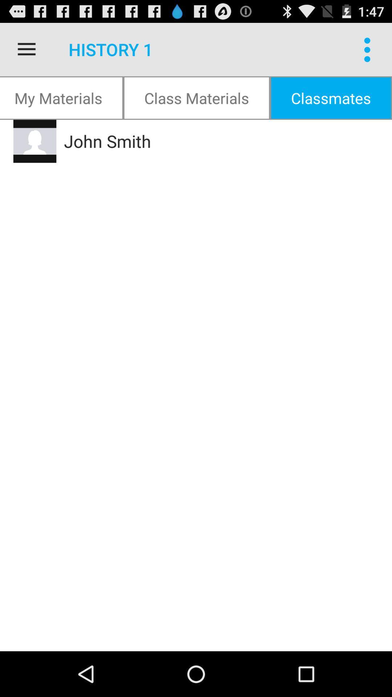  What do you see at coordinates (61, 97) in the screenshot?
I see `icon to the left of class materials` at bounding box center [61, 97].